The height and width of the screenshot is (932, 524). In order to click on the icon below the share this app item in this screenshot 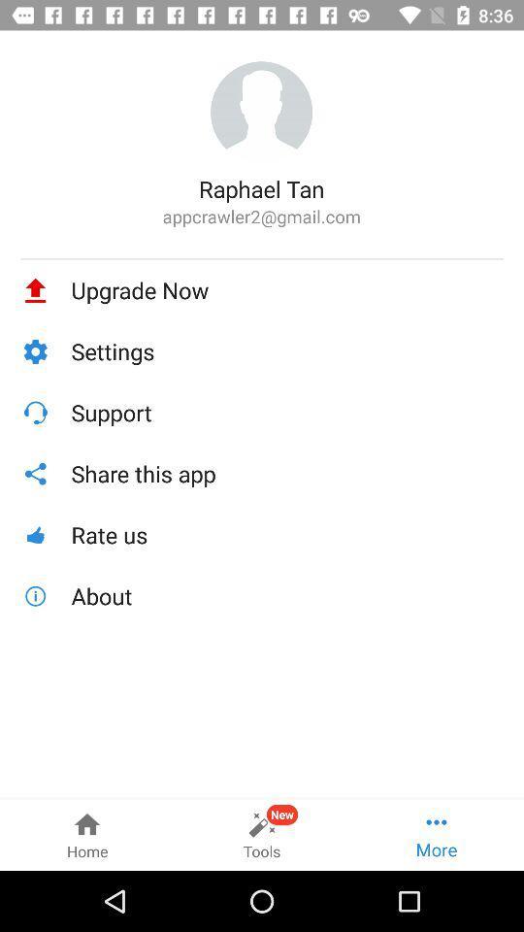, I will do `click(286, 535)`.